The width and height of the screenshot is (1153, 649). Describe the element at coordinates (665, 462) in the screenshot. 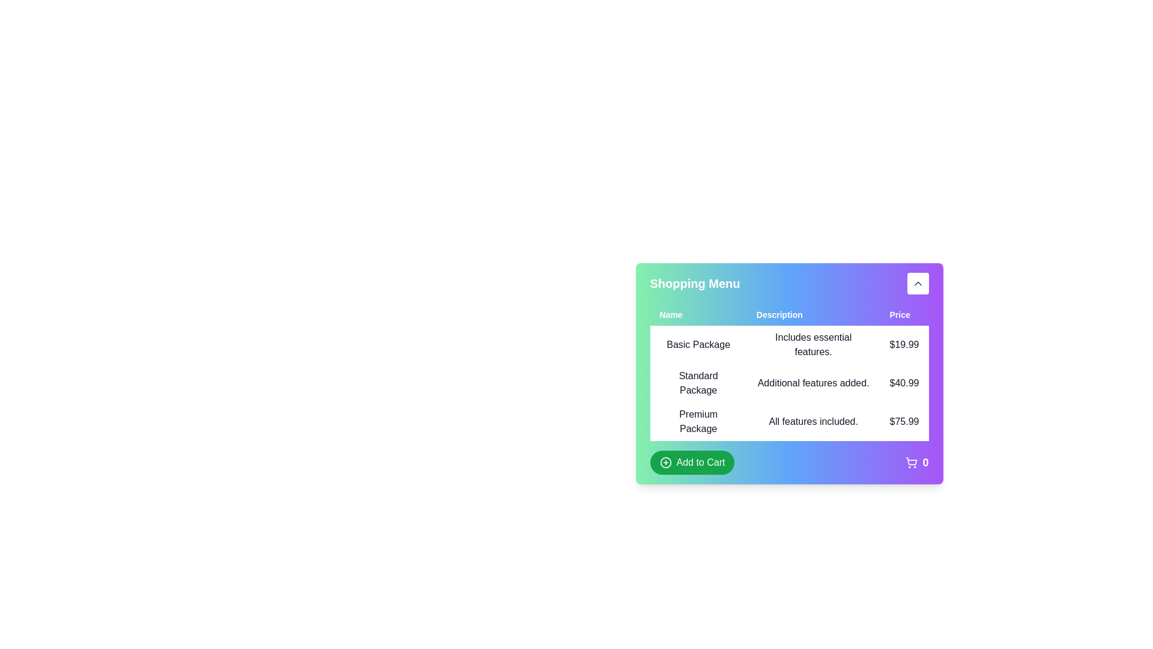

I see `the circular graphical component within the 'Add to Cart' button located at the bottom left of the shopping menu interface` at that location.